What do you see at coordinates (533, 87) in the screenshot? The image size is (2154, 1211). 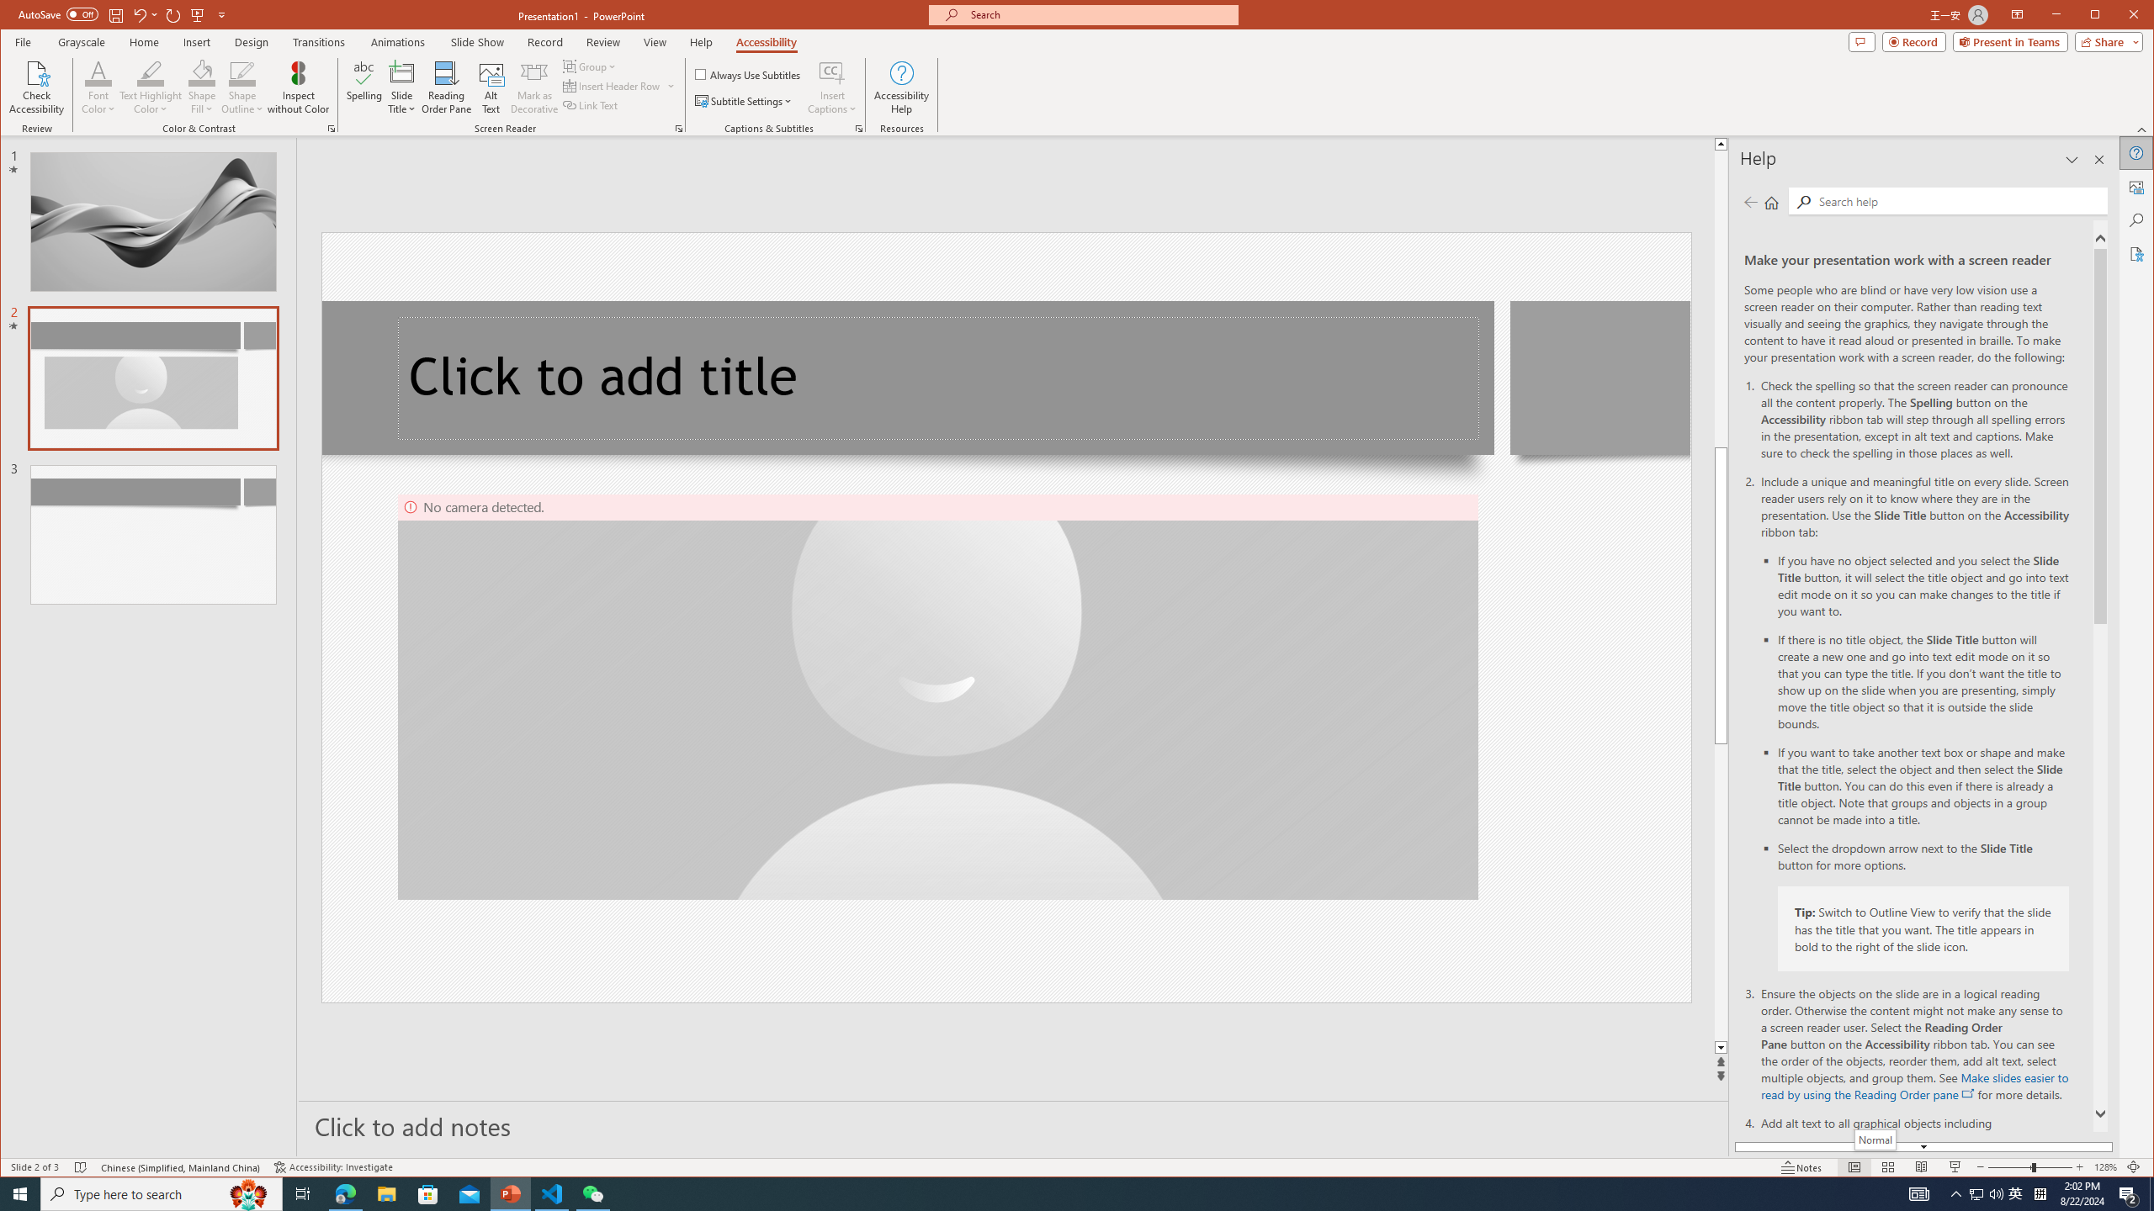 I see `'Mark as Decorative'` at bounding box center [533, 87].